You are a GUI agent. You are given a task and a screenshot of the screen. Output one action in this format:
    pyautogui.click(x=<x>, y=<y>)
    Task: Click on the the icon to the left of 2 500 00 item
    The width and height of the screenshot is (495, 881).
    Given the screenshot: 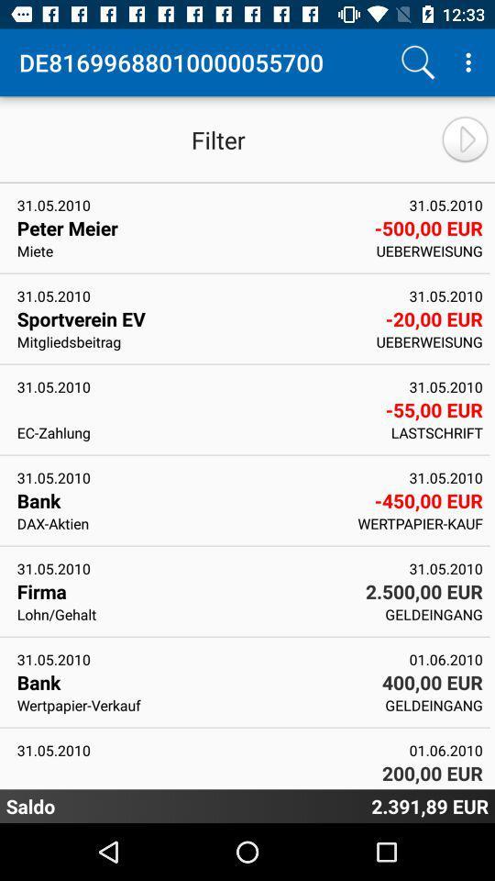 What is the action you would take?
    pyautogui.click(x=185, y=590)
    